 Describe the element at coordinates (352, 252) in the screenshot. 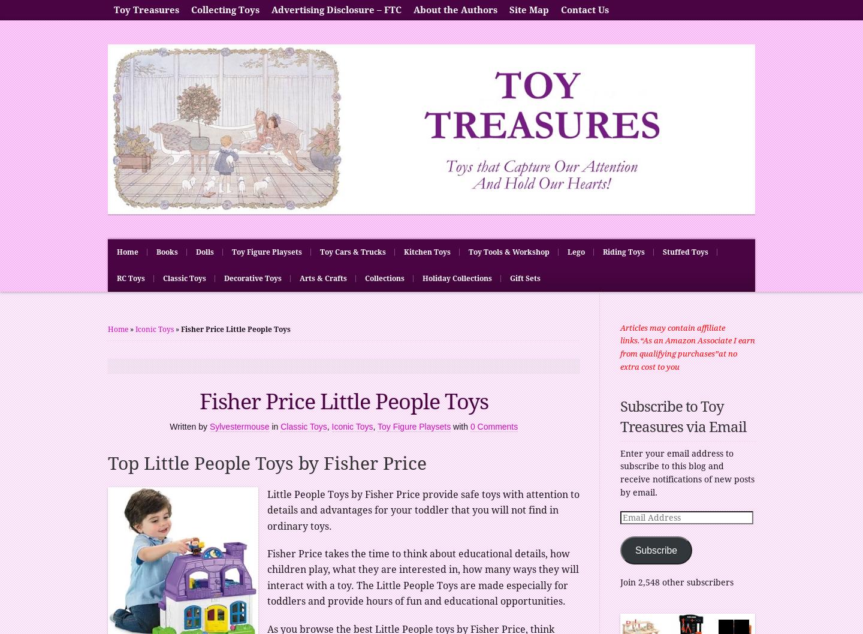

I see `'Toy Cars & Trucks'` at that location.